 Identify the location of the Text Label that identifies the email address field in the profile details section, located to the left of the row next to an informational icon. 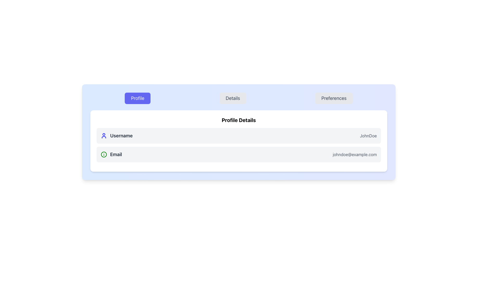
(111, 154).